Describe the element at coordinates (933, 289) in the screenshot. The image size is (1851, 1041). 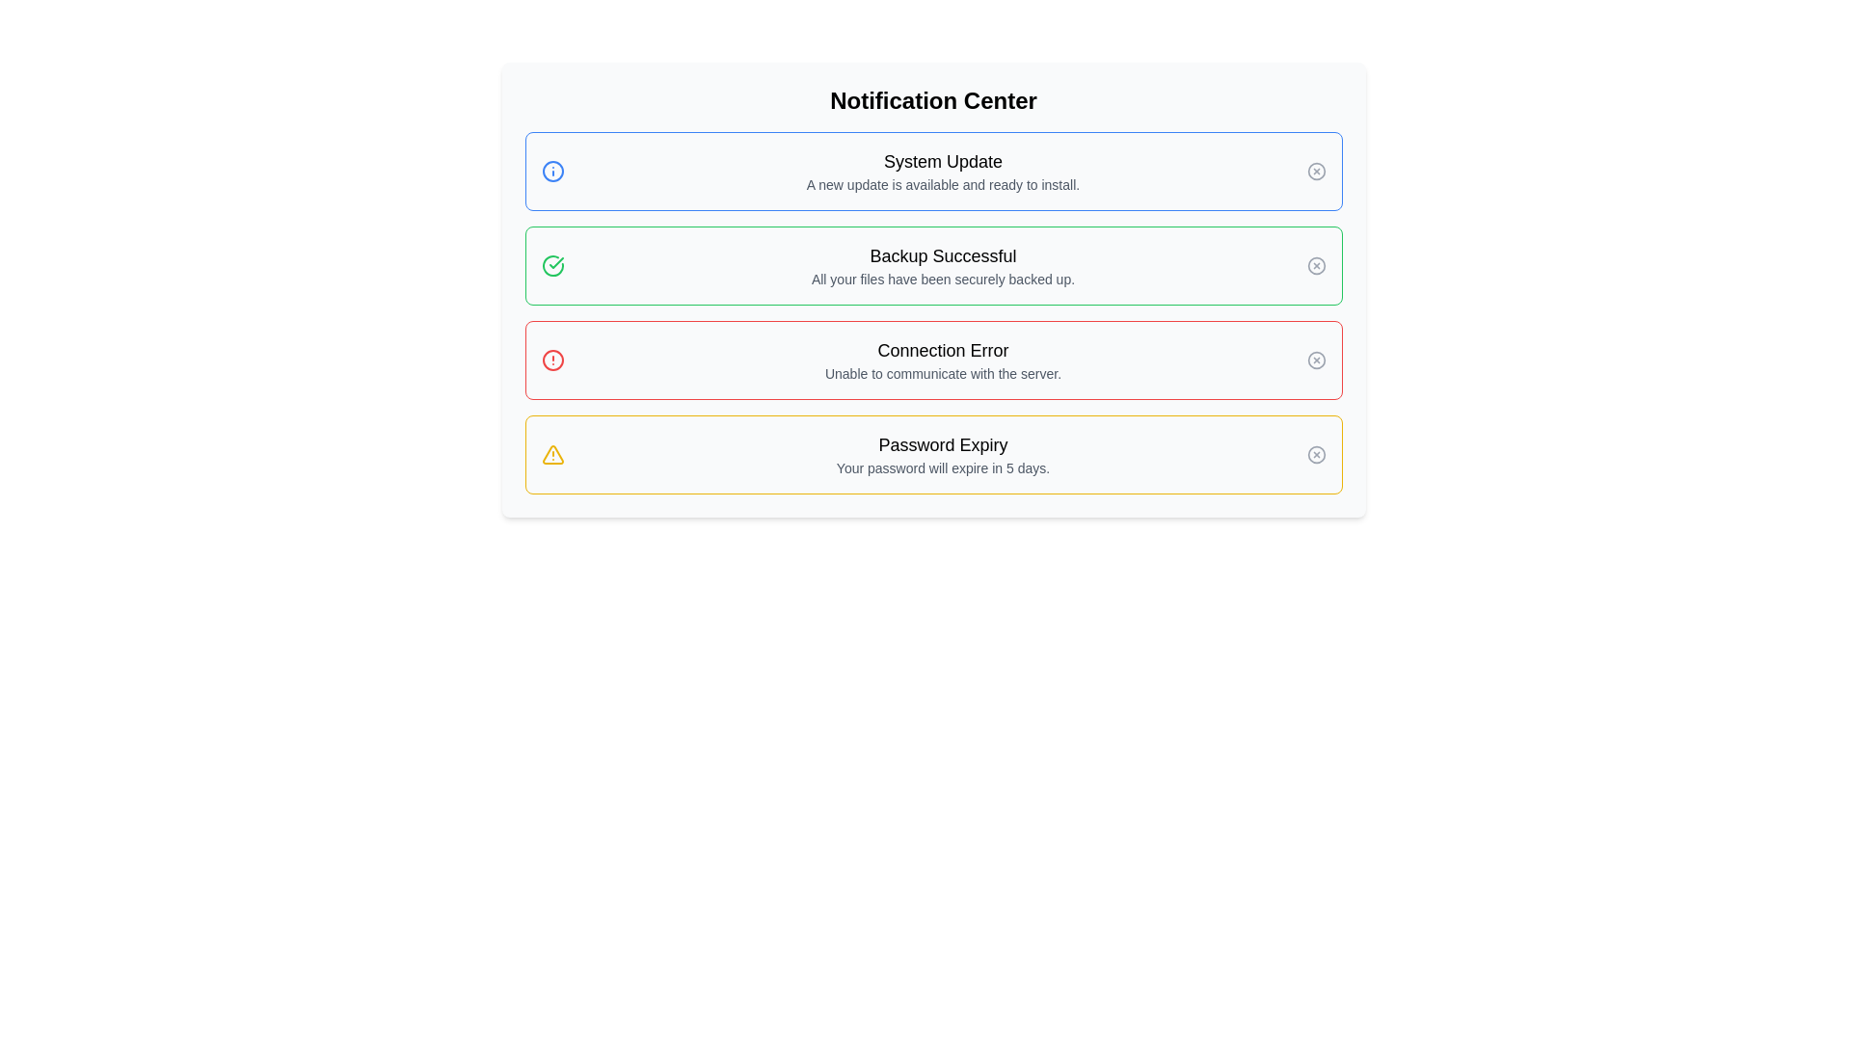
I see `notification from the second entry in the Notification Center, which indicates a successful backup of files` at that location.